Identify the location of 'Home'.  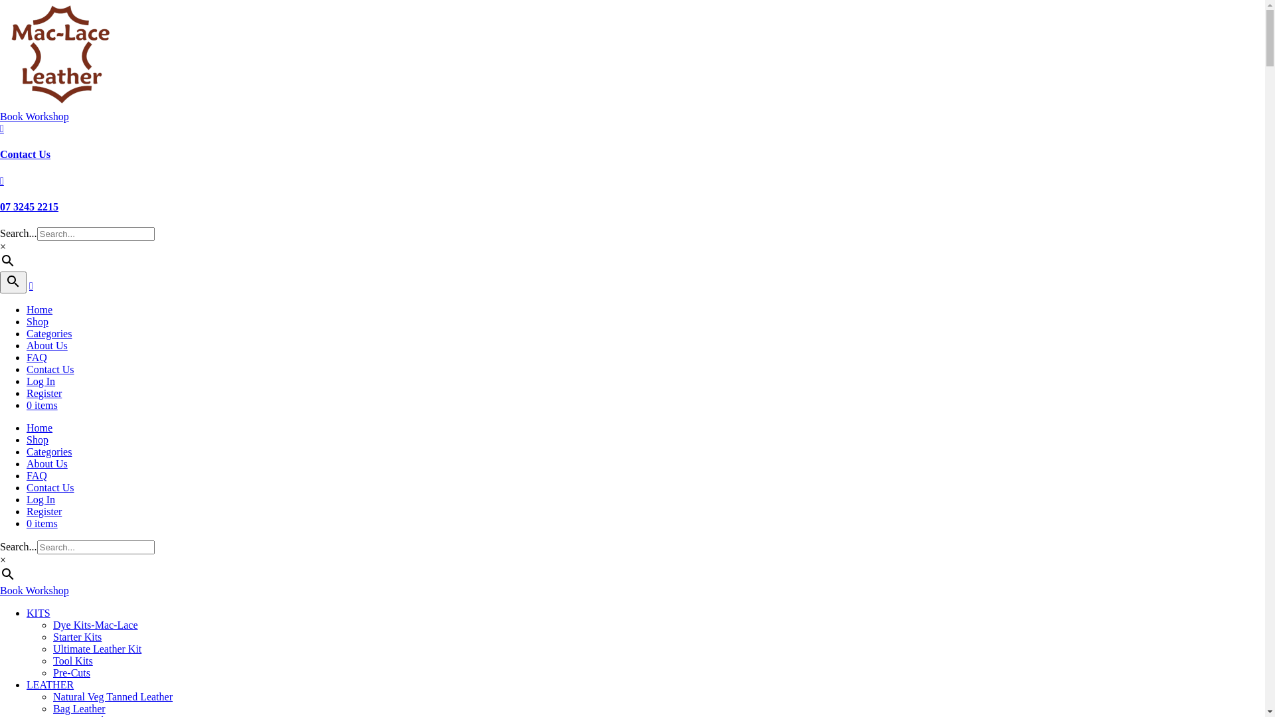
(39, 428).